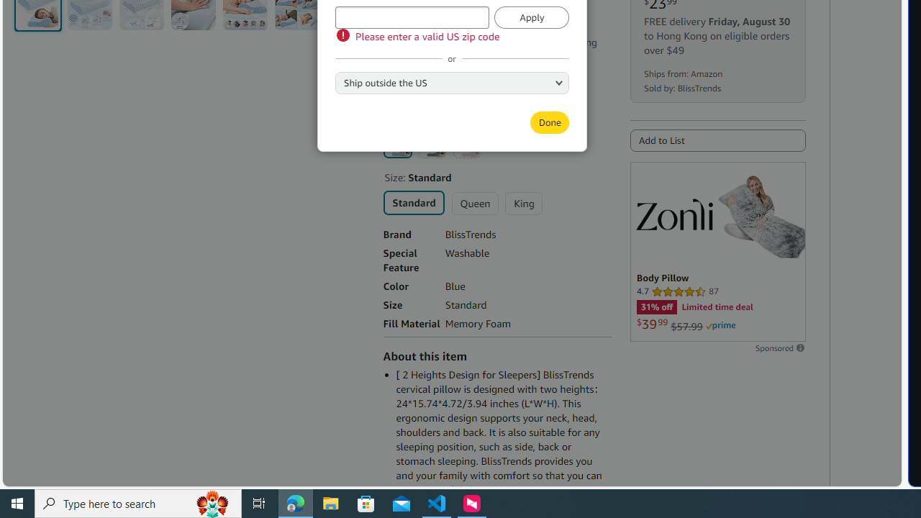 This screenshot has width=921, height=518. What do you see at coordinates (412, 202) in the screenshot?
I see `'Standard'` at bounding box center [412, 202].